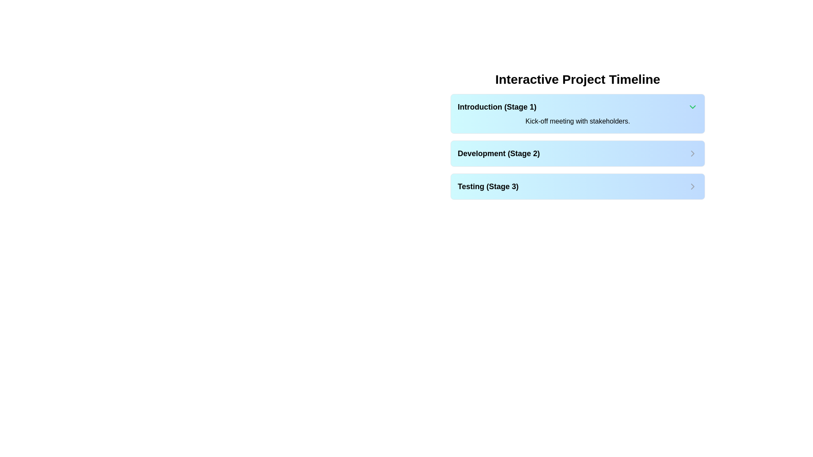 Image resolution: width=813 pixels, height=457 pixels. What do you see at coordinates (499, 153) in the screenshot?
I see `static text label for the 'Development (Stage 2)' section in the interactive timeline, which provides information about this stage and acts as a visual indicator within the timeline structure` at bounding box center [499, 153].